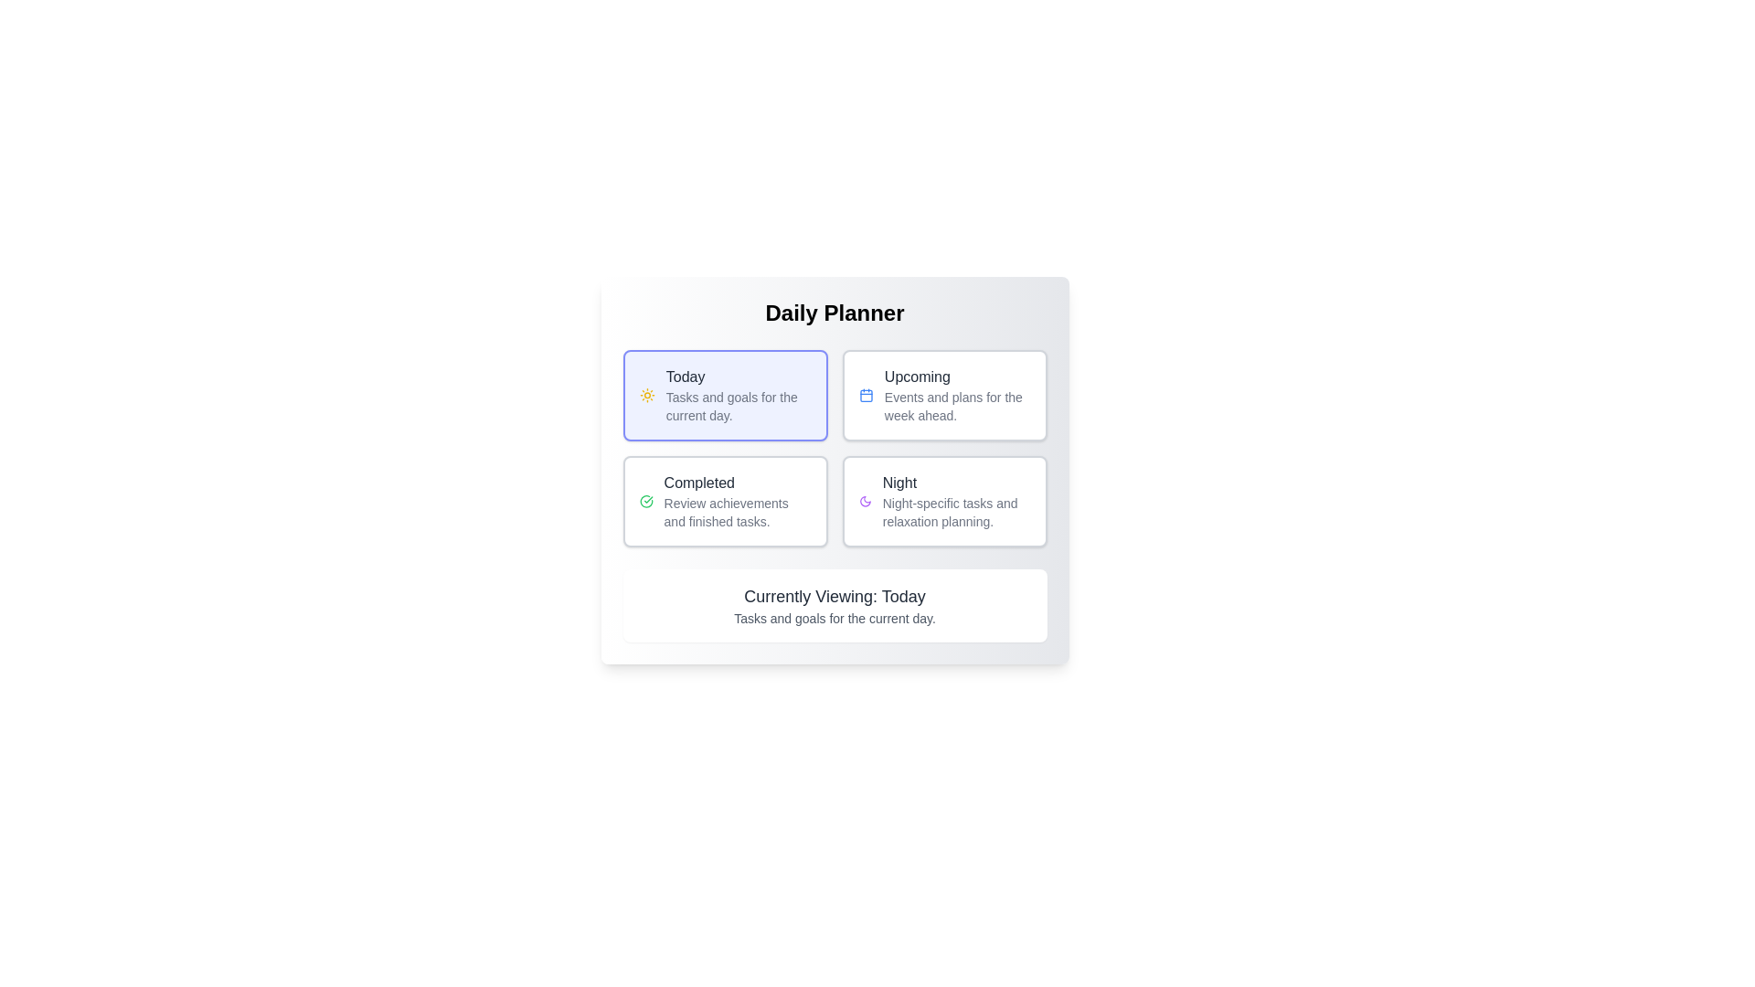 The height and width of the screenshot is (987, 1755). What do you see at coordinates (944, 394) in the screenshot?
I see `the Informational card titled 'Upcoming'` at bounding box center [944, 394].